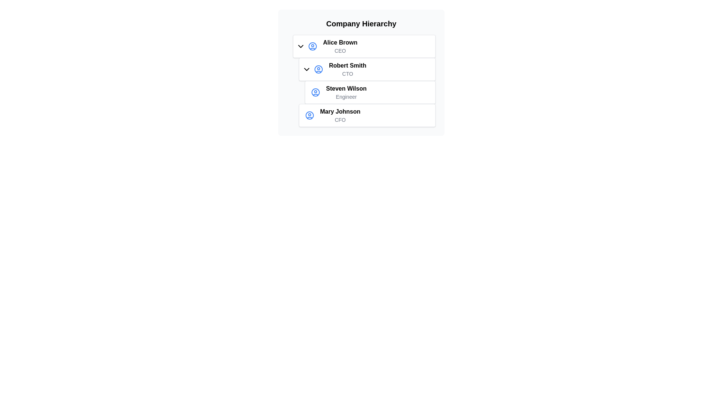 The width and height of the screenshot is (713, 401). What do you see at coordinates (301, 46) in the screenshot?
I see `the downward-pointing chevron icon with a black outline, located to the left of the user avatar icon` at bounding box center [301, 46].